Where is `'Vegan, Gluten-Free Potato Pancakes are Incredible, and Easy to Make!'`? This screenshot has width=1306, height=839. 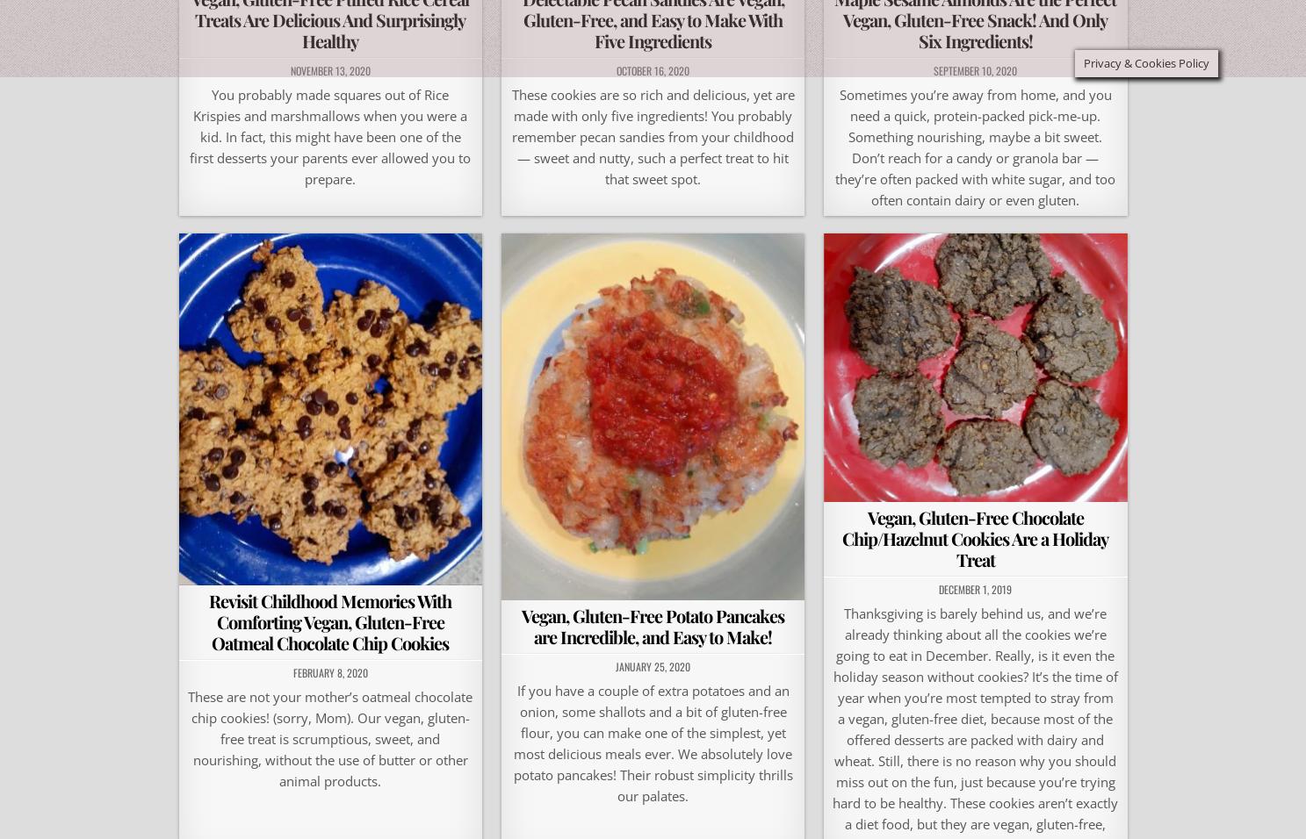
'Vegan, Gluten-Free Potato Pancakes are Incredible, and Easy to Make!' is located at coordinates (652, 625).